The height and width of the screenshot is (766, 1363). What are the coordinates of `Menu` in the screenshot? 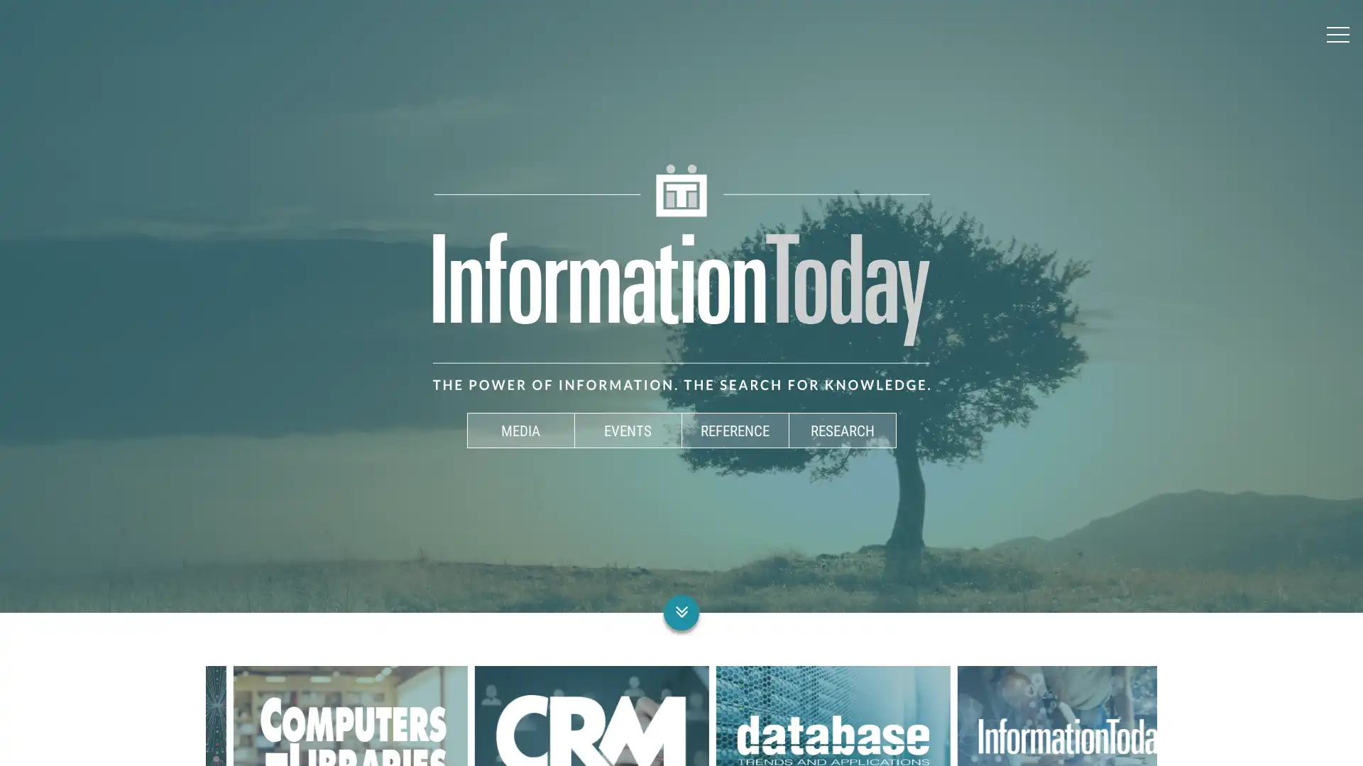 It's located at (1337, 35).